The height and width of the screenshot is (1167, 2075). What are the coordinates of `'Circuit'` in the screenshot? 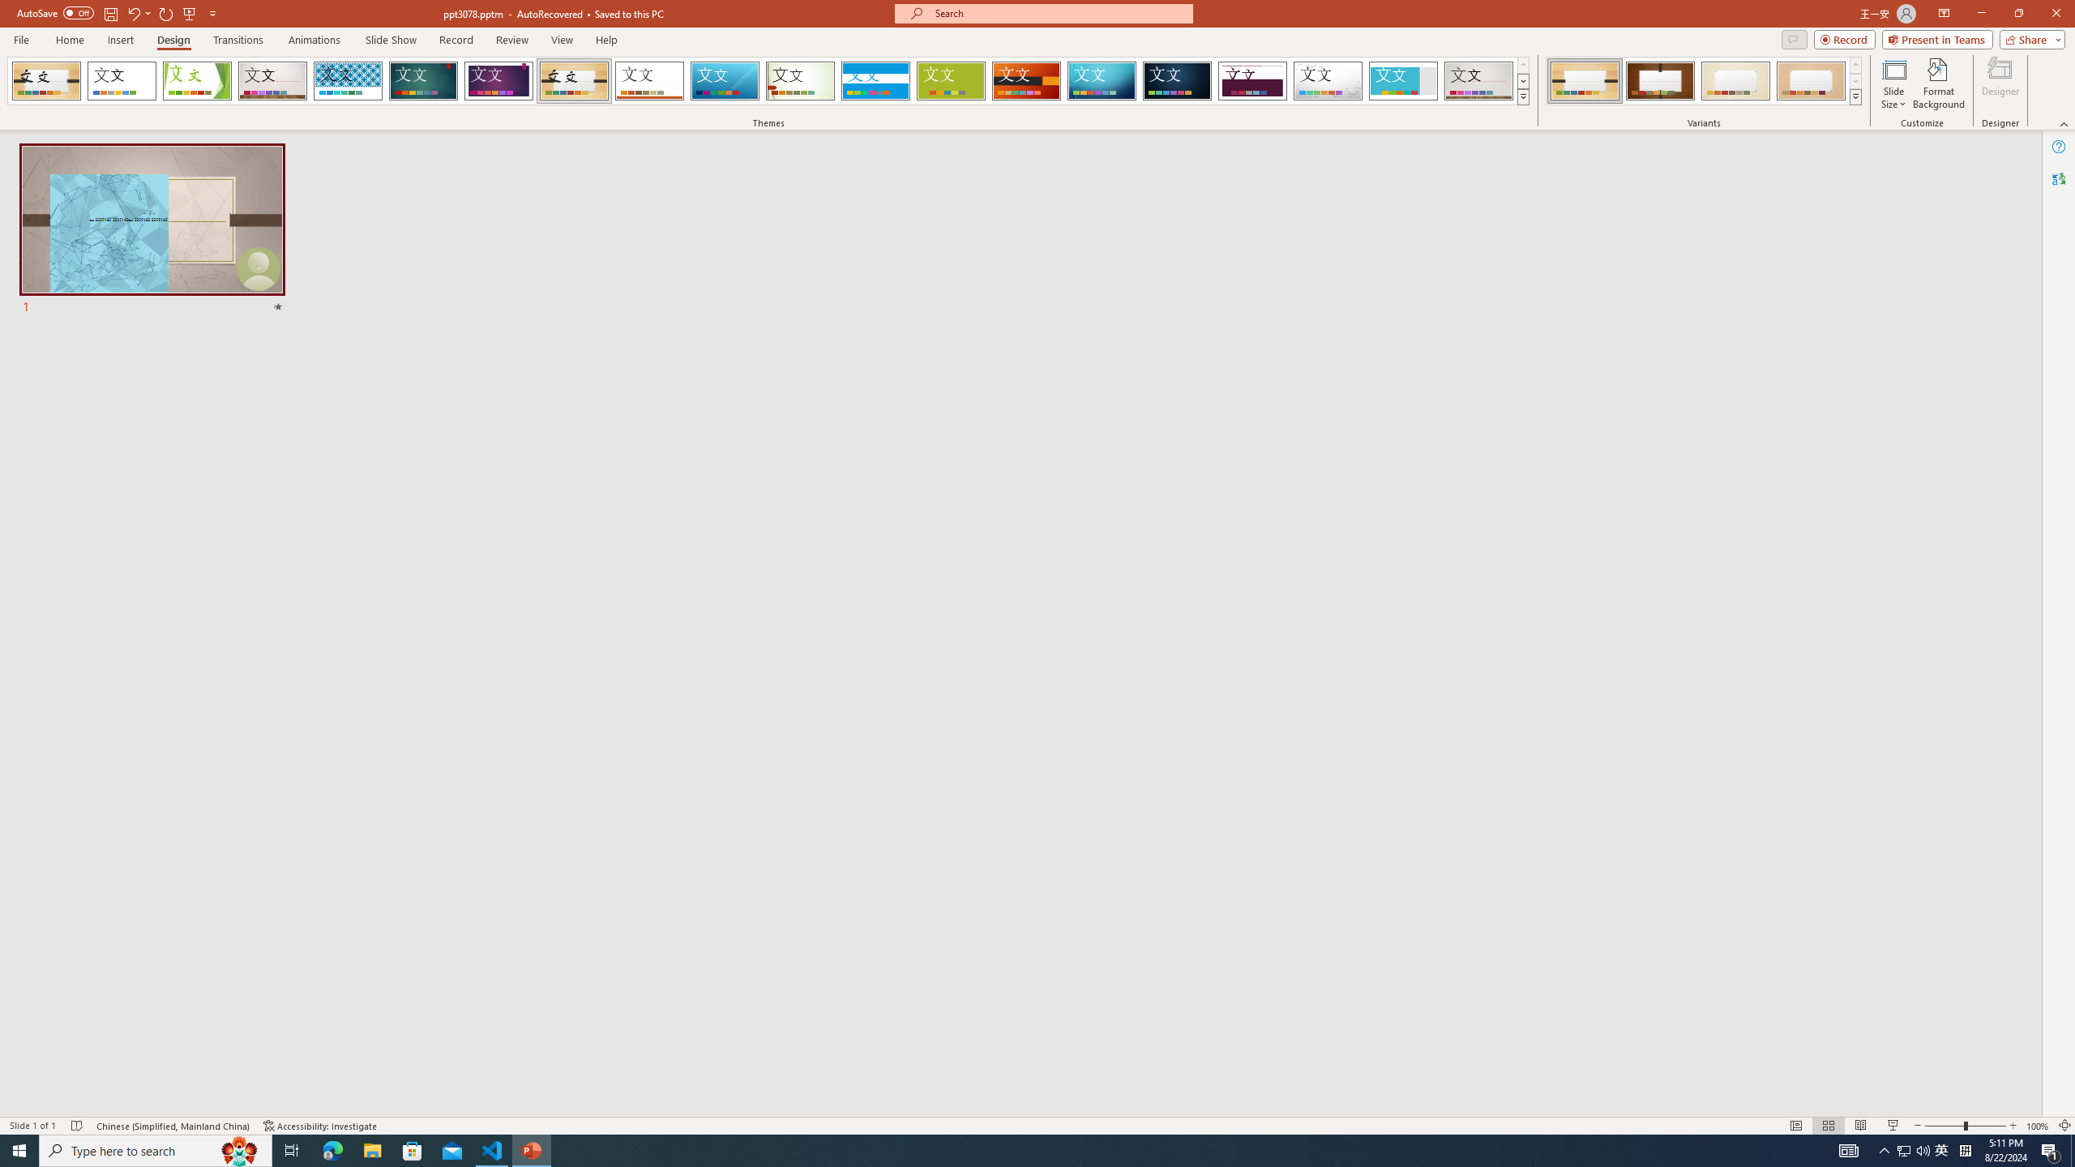 It's located at (1101, 80).